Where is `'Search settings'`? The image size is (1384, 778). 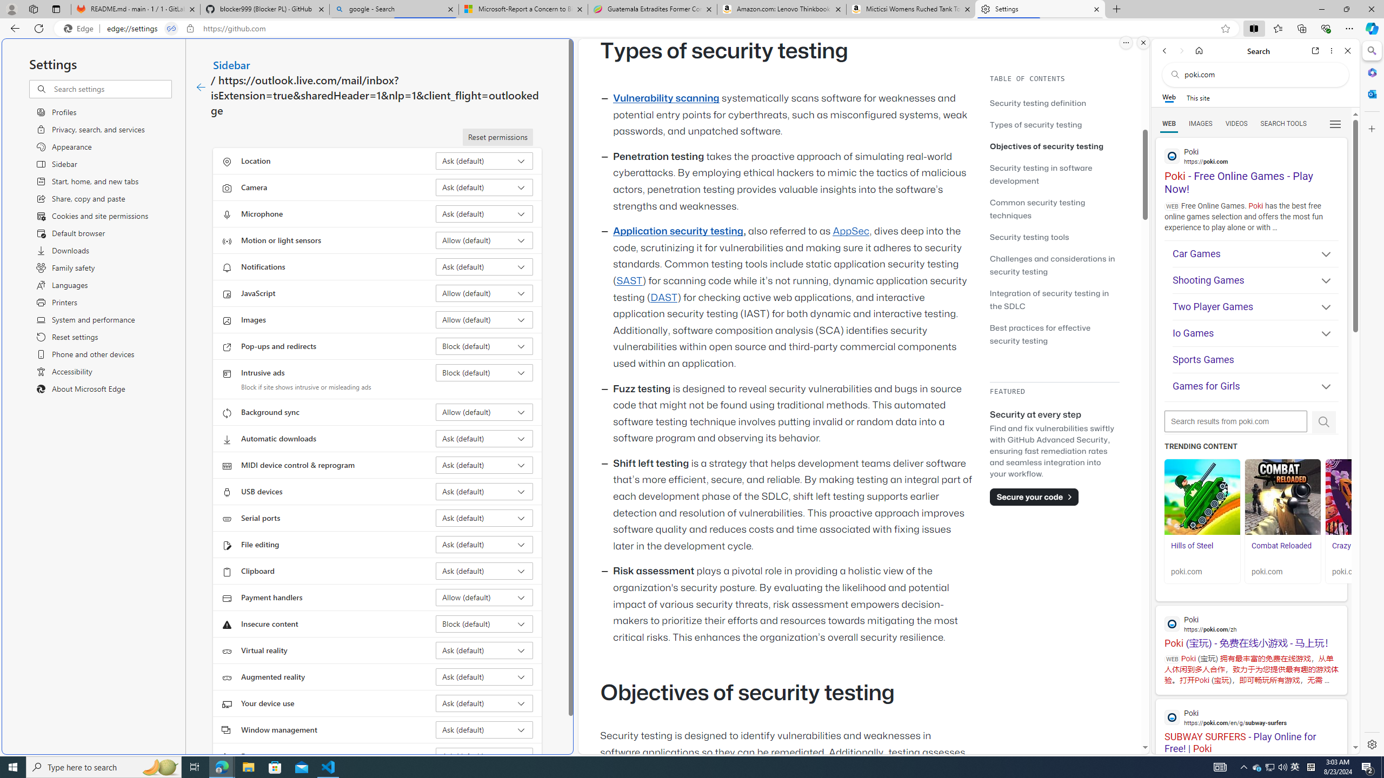
'Search settings' is located at coordinates (112, 89).